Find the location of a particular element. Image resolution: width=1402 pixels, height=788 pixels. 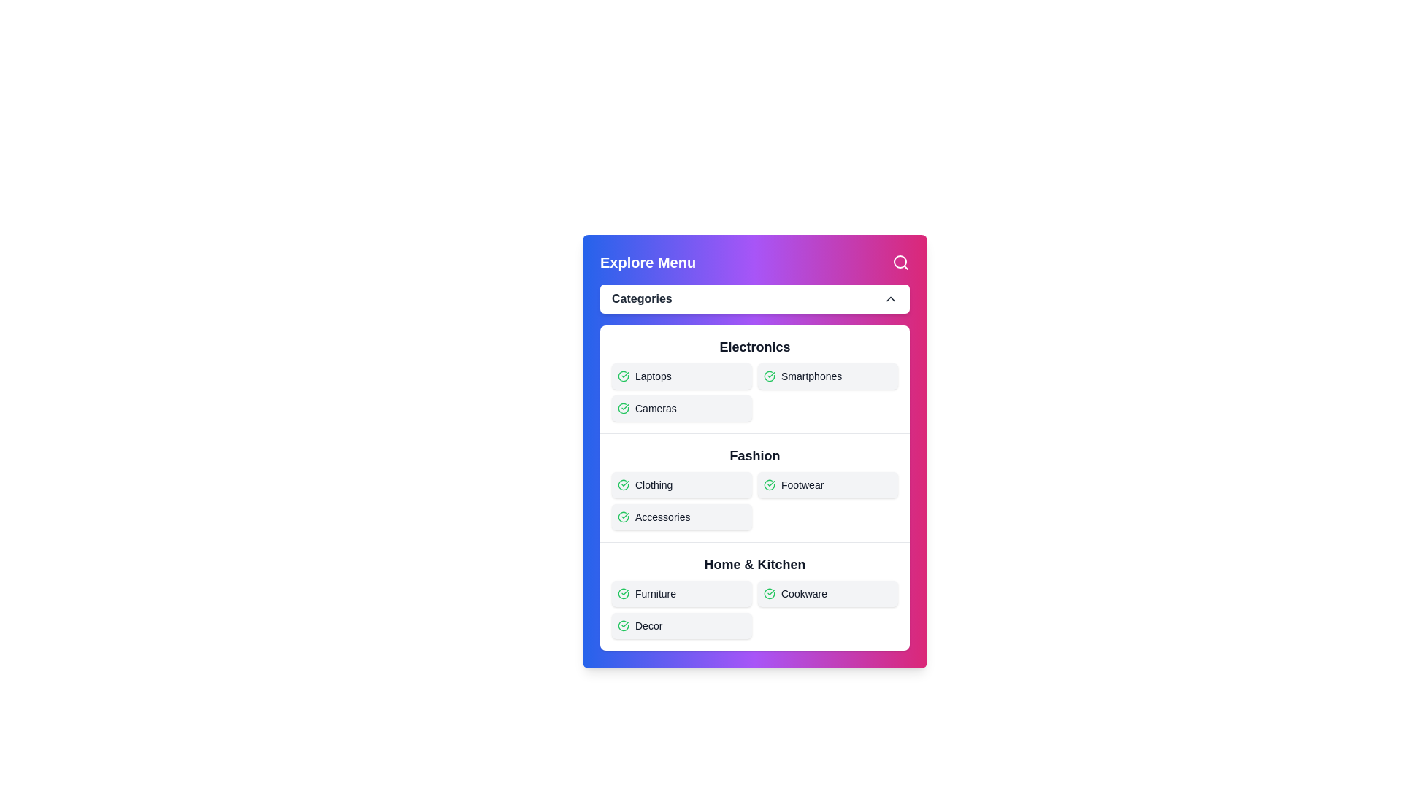

the 'Accessories' category button in the 'Fashion' section of the 'Explore Menu' is located at coordinates (681, 517).